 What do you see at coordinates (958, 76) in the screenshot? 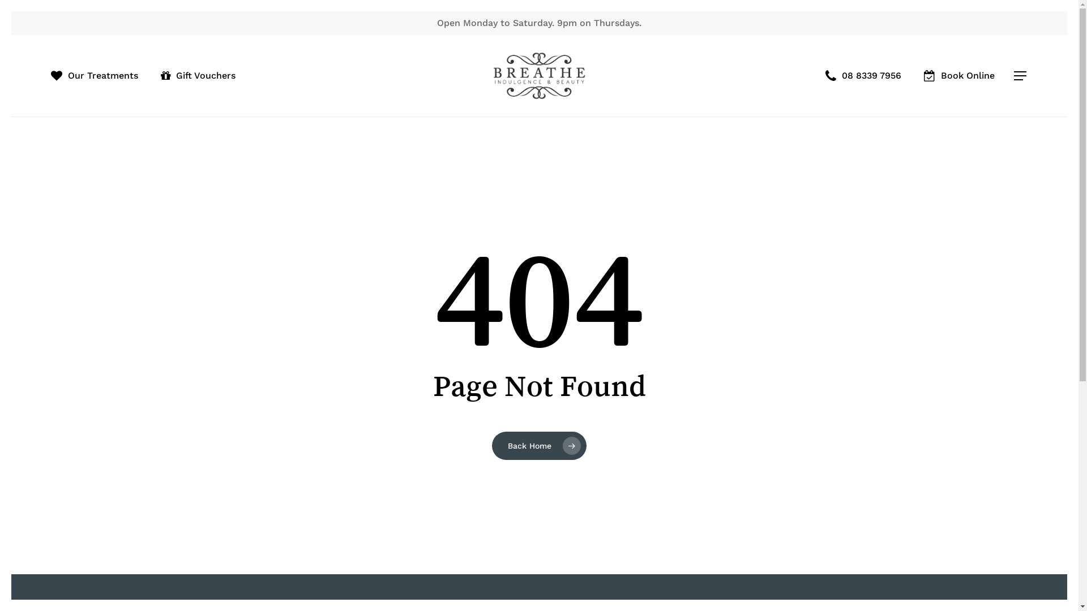
I see `'Book Online'` at bounding box center [958, 76].